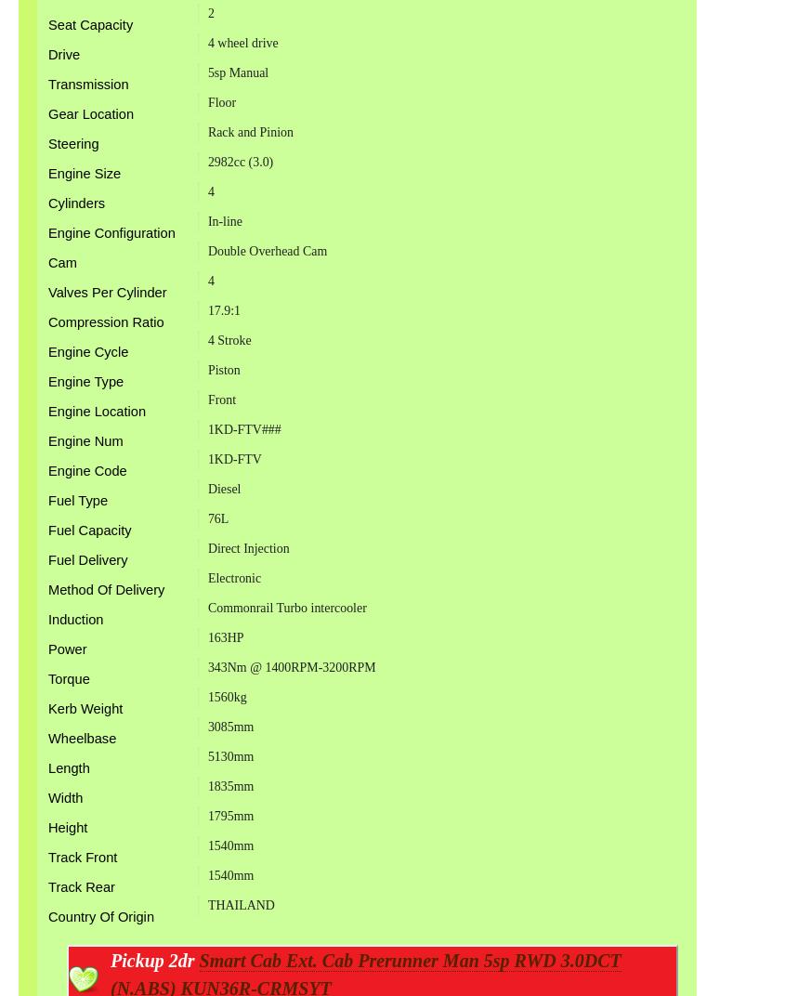 Image resolution: width=785 pixels, height=996 pixels. Describe the element at coordinates (249, 130) in the screenshot. I see `'Rack and Pinion'` at that location.